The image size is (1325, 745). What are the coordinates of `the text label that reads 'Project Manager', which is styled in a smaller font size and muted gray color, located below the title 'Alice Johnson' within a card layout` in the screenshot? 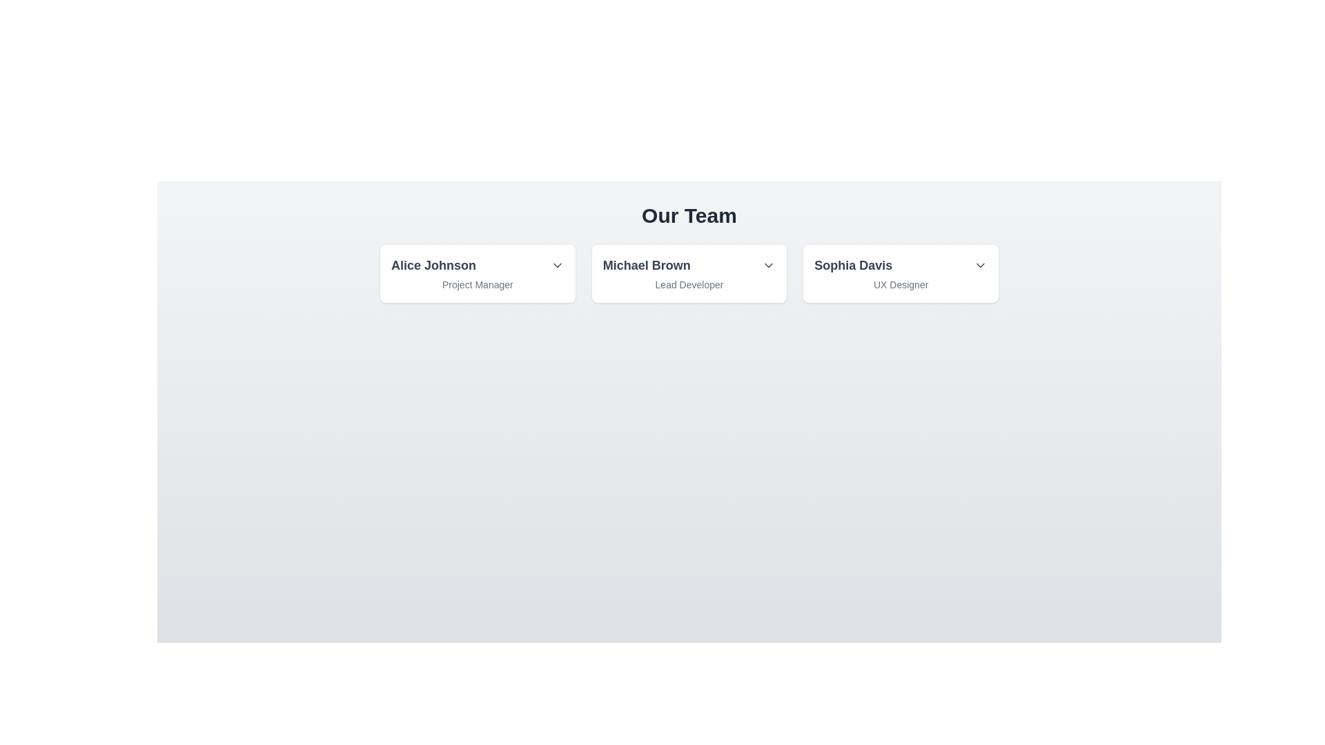 It's located at (478, 284).